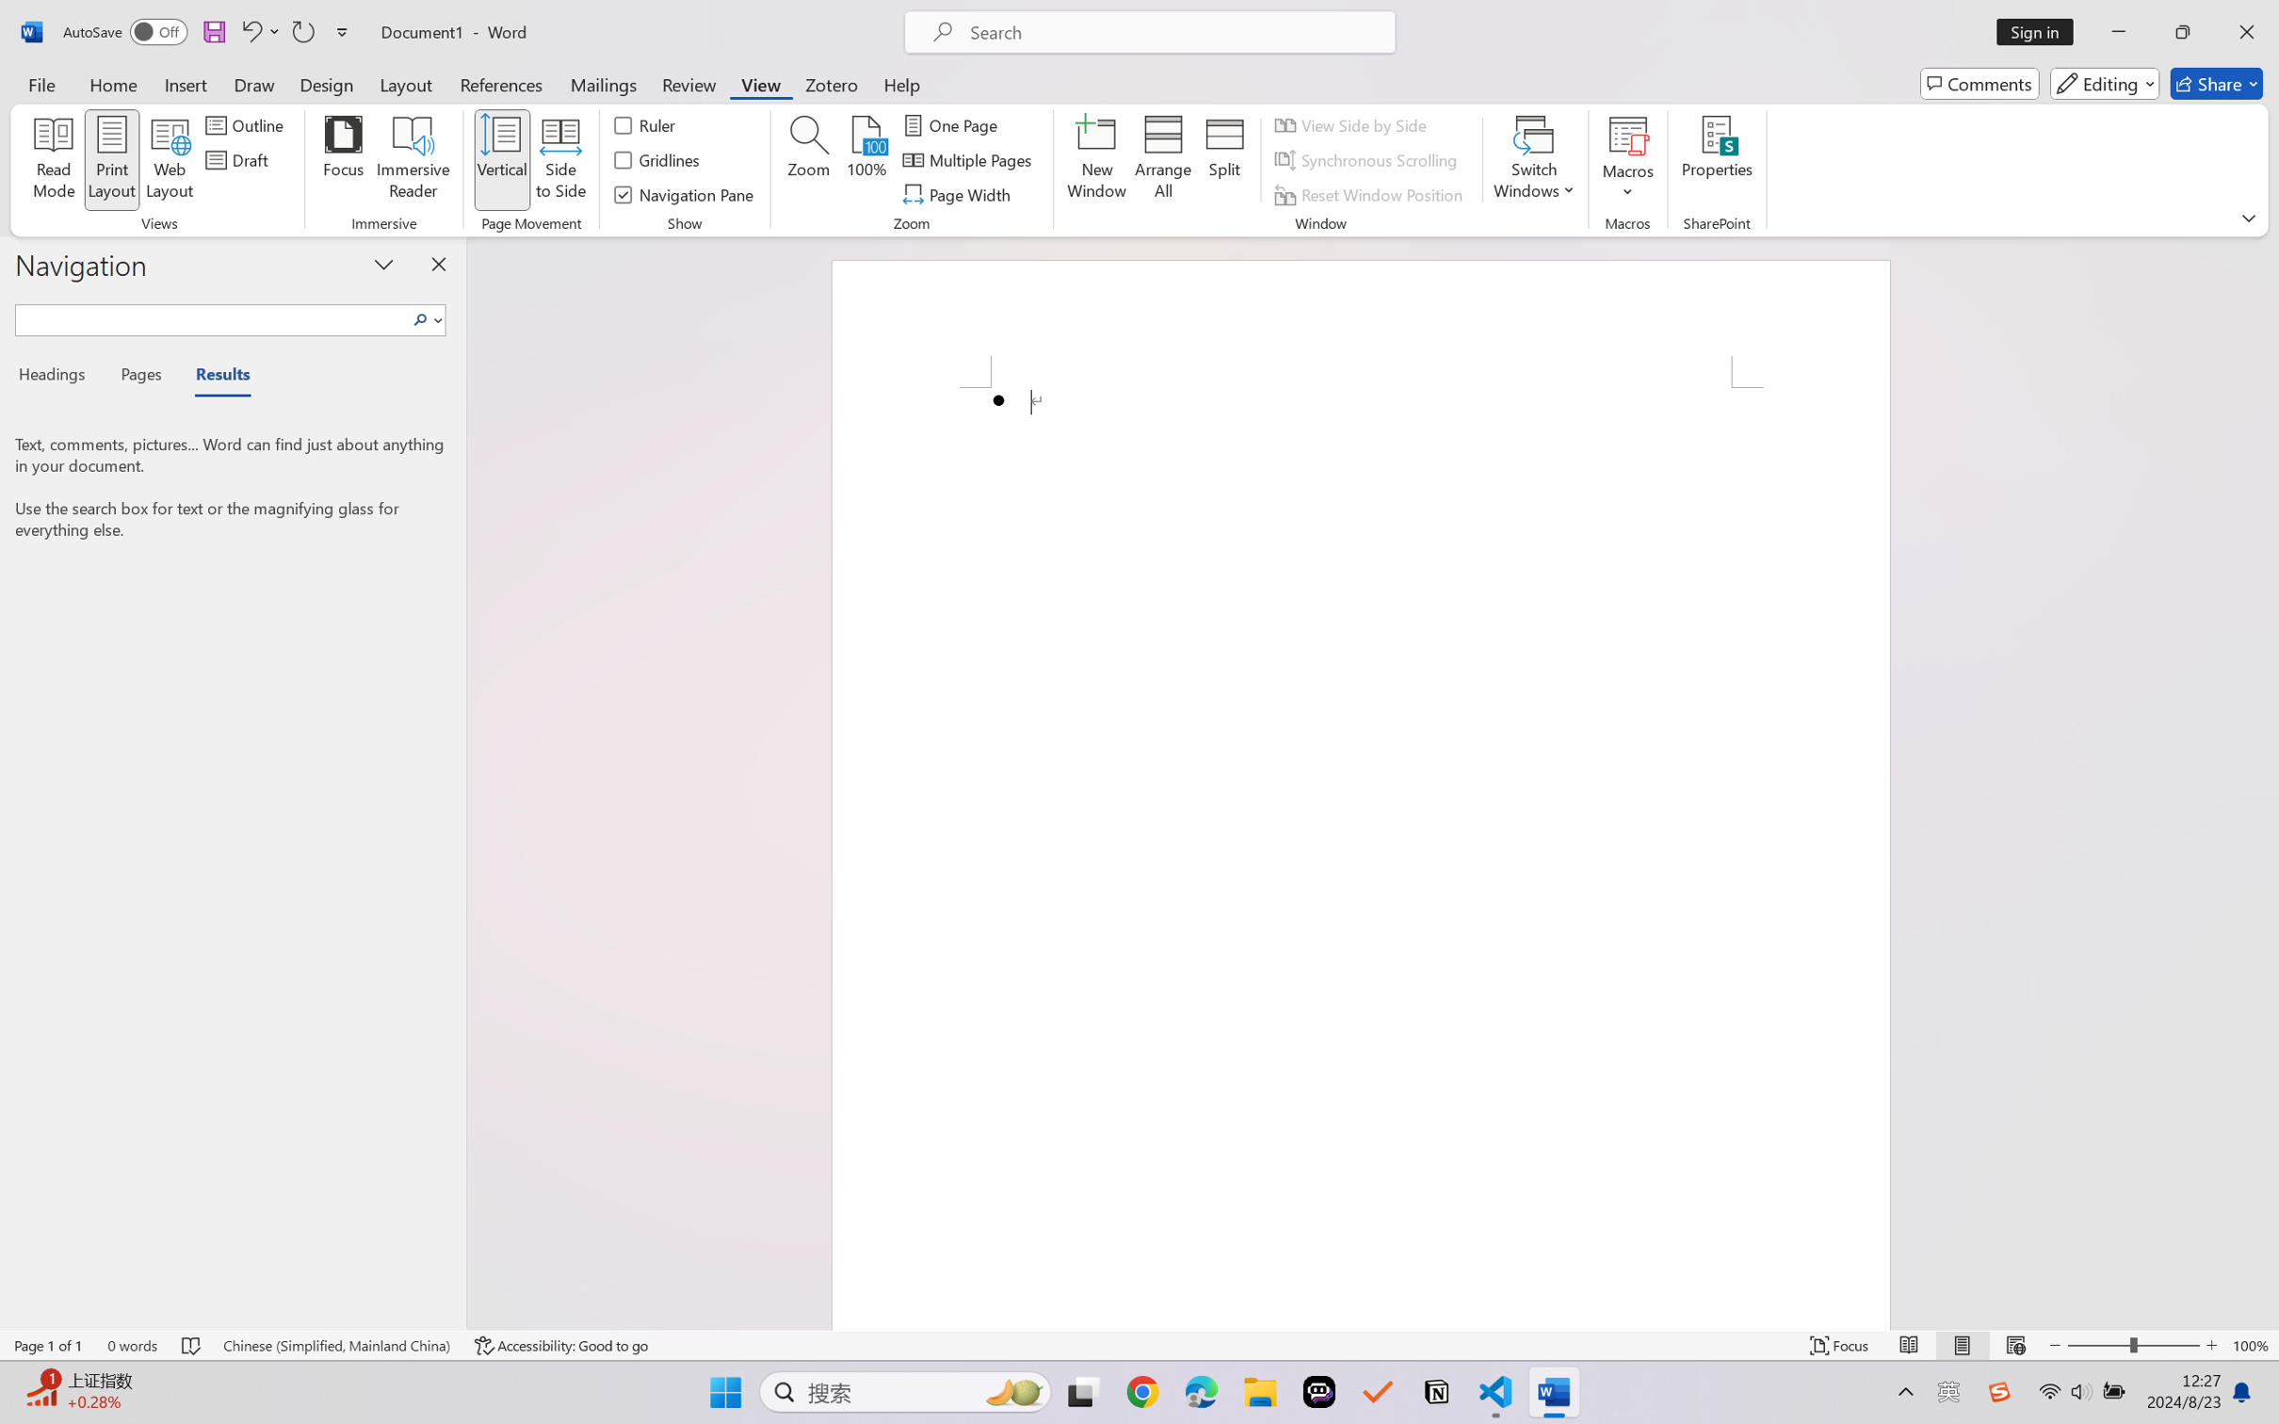 The height and width of the screenshot is (1424, 2279). Describe the element at coordinates (57, 378) in the screenshot. I see `'Headings'` at that location.